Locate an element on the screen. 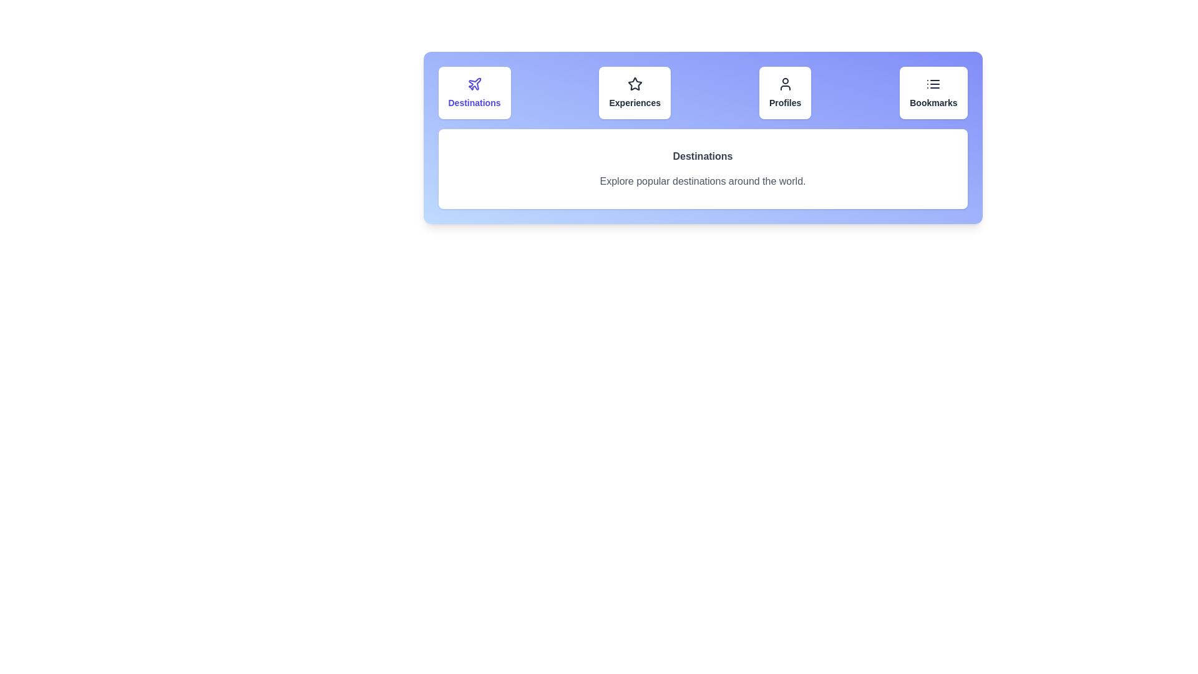 The height and width of the screenshot is (674, 1198). the Experiences tab to view its content is located at coordinates (635, 92).